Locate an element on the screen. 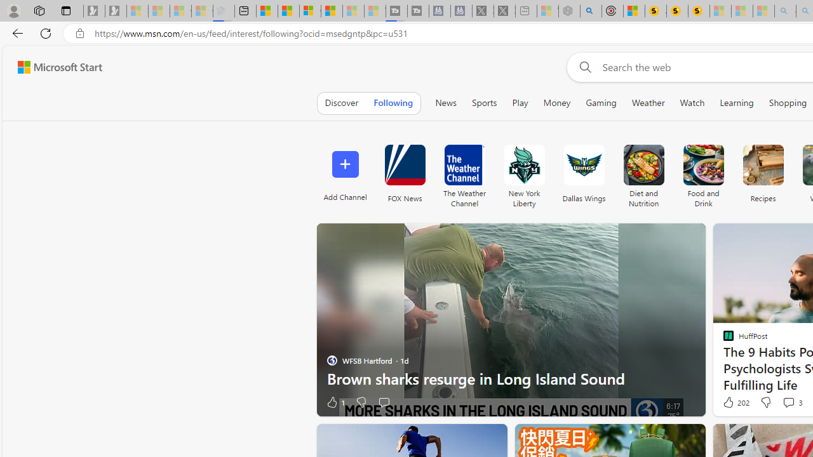 The height and width of the screenshot is (457, 813). 'Microsoft Start - Sleeping' is located at coordinates (353, 11).